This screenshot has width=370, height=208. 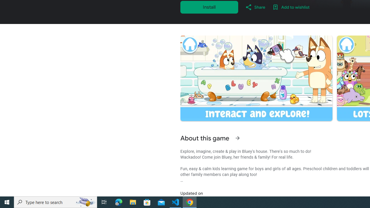 I want to click on 'See more information on About this game', so click(x=237, y=138).